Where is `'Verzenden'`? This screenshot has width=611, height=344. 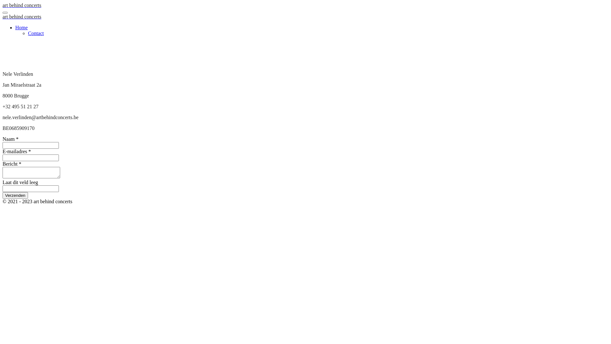
'Verzenden' is located at coordinates (15, 195).